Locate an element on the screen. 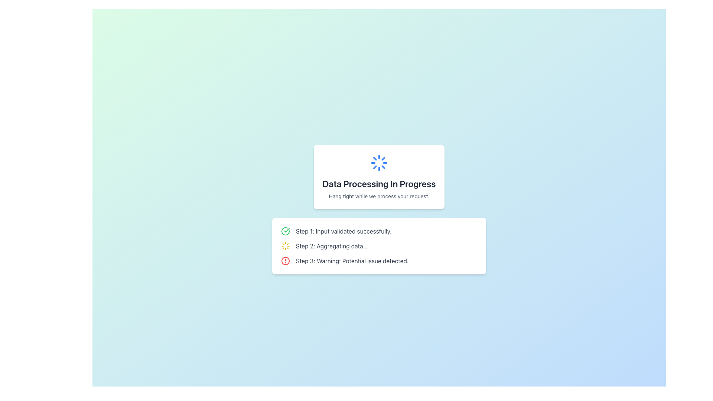 This screenshot has width=713, height=401. text of the second item in the progress list under 'Data Processing In Progress', which is a notification step conveying the current state of the data processing workflow is located at coordinates (331, 246).